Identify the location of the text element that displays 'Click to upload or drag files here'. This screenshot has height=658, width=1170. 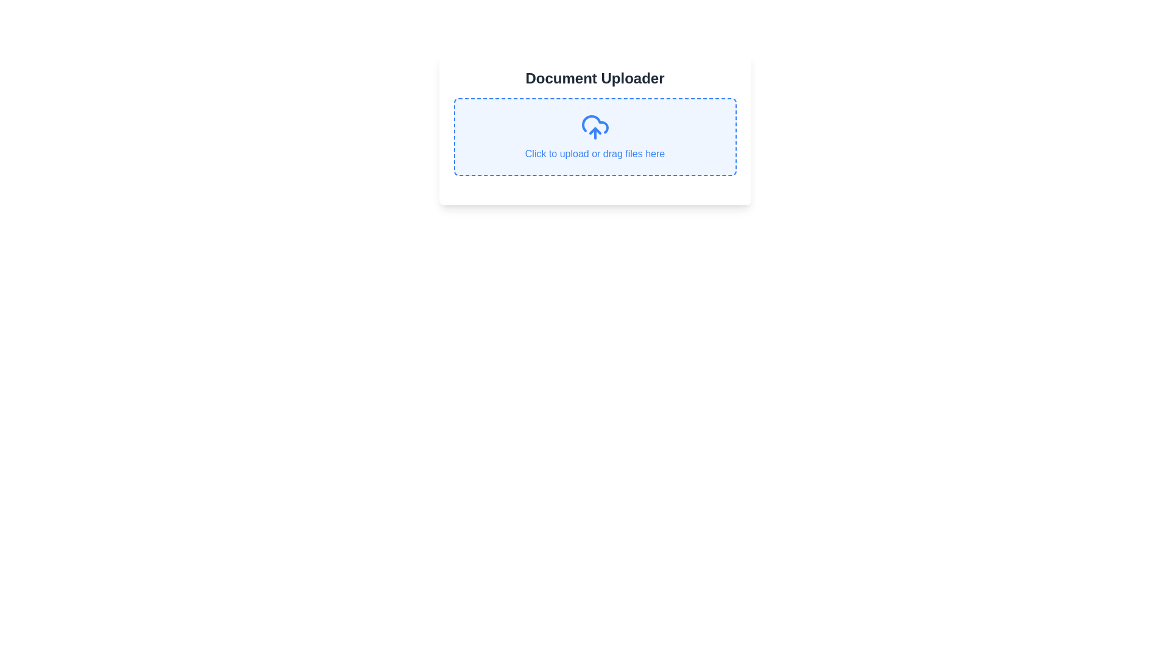
(595, 154).